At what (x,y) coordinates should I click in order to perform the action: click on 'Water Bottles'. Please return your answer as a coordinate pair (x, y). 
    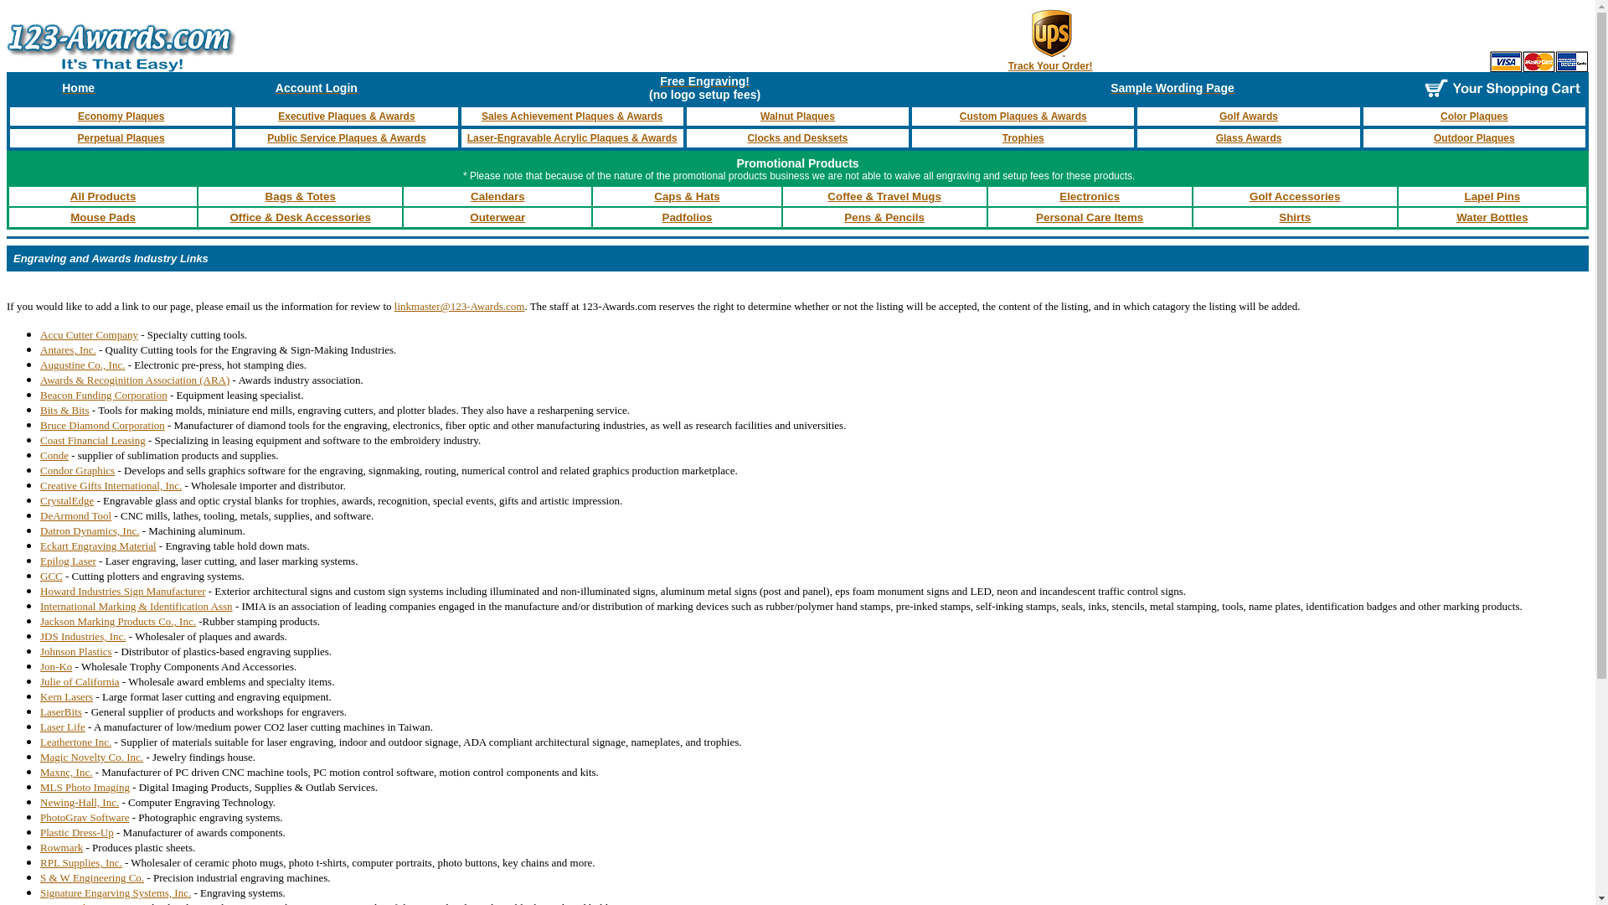
    Looking at the image, I should click on (1492, 216).